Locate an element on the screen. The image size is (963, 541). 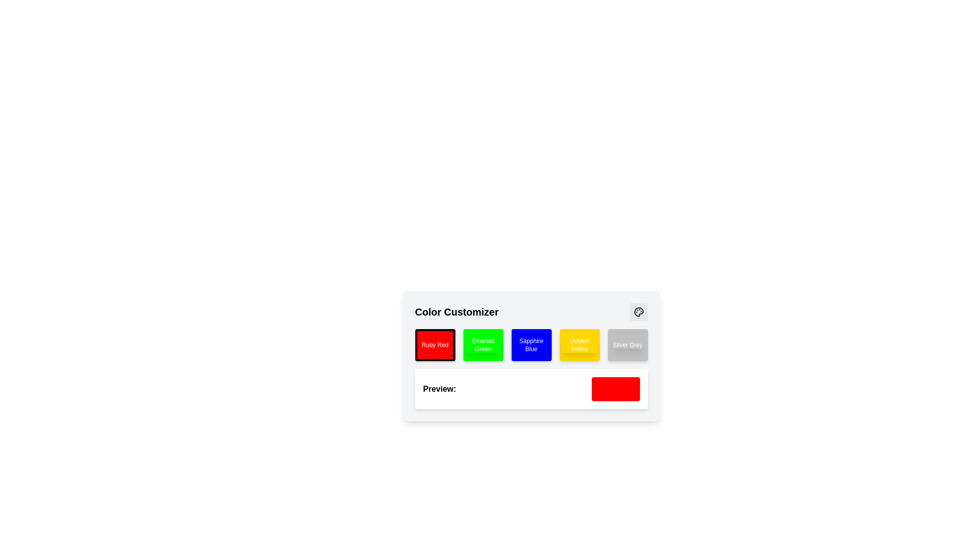
the button with a color palette icon located at the top-right corner of the color options row is located at coordinates (638, 312).